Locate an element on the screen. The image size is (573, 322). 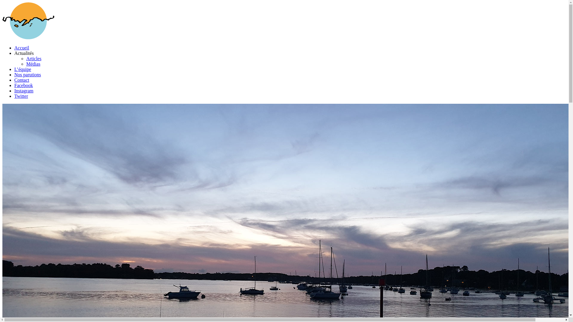
'Nos parutions' is located at coordinates (14, 74).